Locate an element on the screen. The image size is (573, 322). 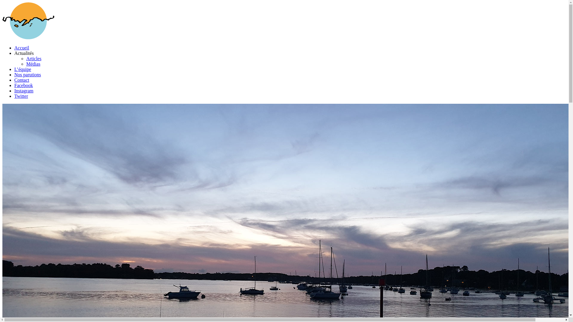
'Nos parutions' is located at coordinates (14, 74).